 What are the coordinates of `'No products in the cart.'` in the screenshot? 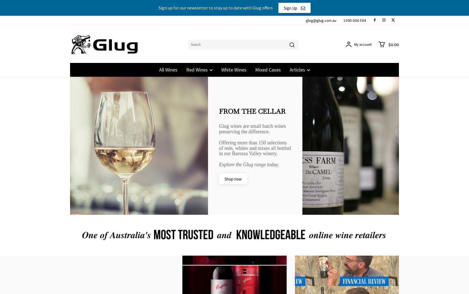 It's located at (359, 60).